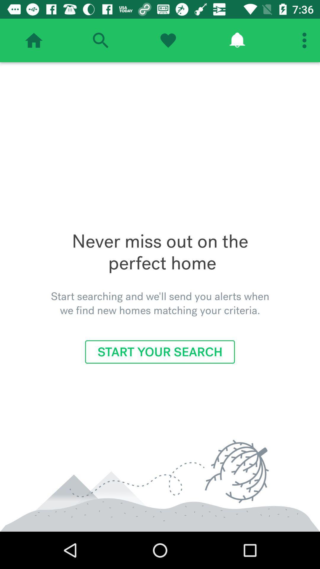 The width and height of the screenshot is (320, 569). I want to click on show reminders, so click(237, 40).